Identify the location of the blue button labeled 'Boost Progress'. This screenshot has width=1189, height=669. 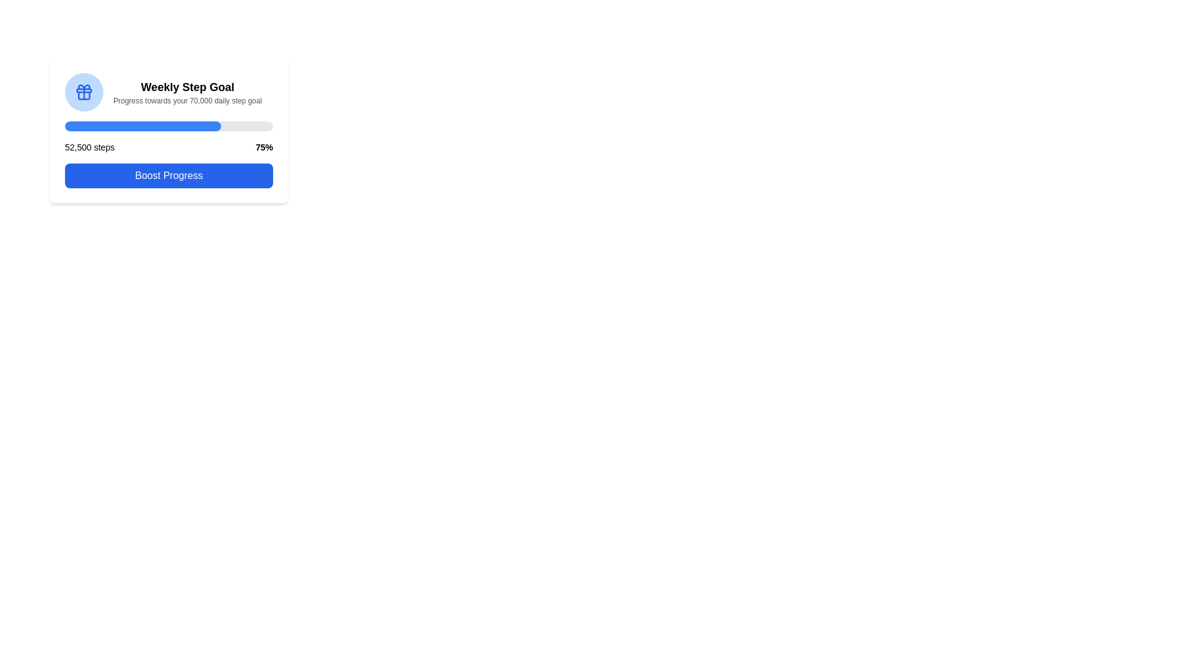
(168, 176).